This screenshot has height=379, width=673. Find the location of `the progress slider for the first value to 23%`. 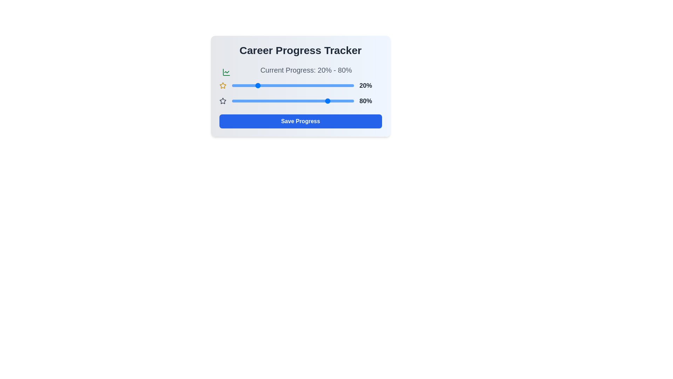

the progress slider for the first value to 23% is located at coordinates (259, 85).